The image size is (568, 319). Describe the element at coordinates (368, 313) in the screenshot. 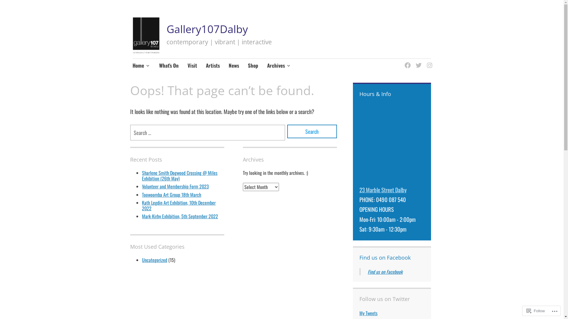

I see `'My Tweets'` at that location.